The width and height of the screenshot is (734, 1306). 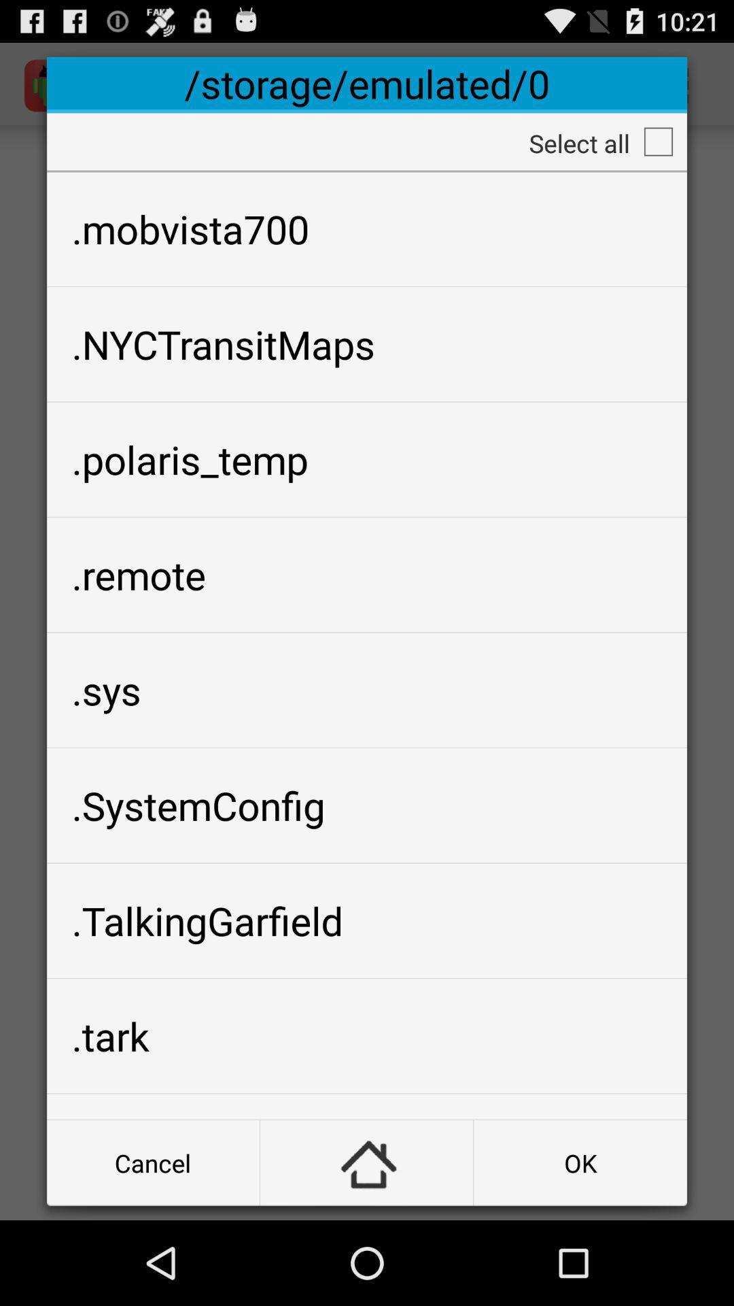 I want to click on the icon to the right of cancel icon, so click(x=366, y=1162).